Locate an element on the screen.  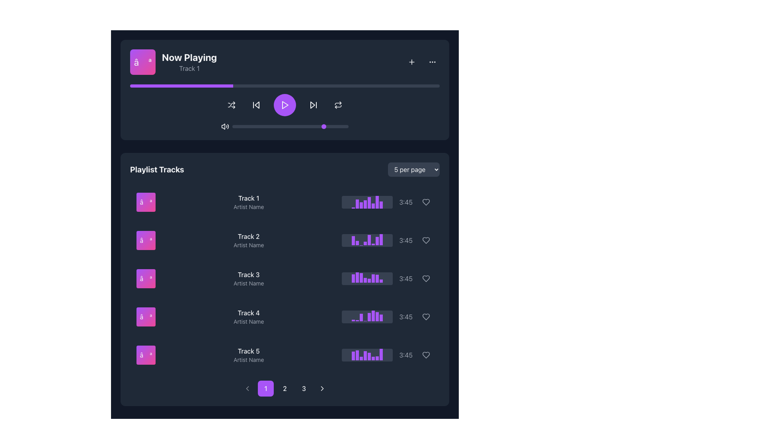
the circular purple play button with a white triangle icon in the center, located at the center of the control row in the music playback interface to play or pause playback is located at coordinates (285, 104).